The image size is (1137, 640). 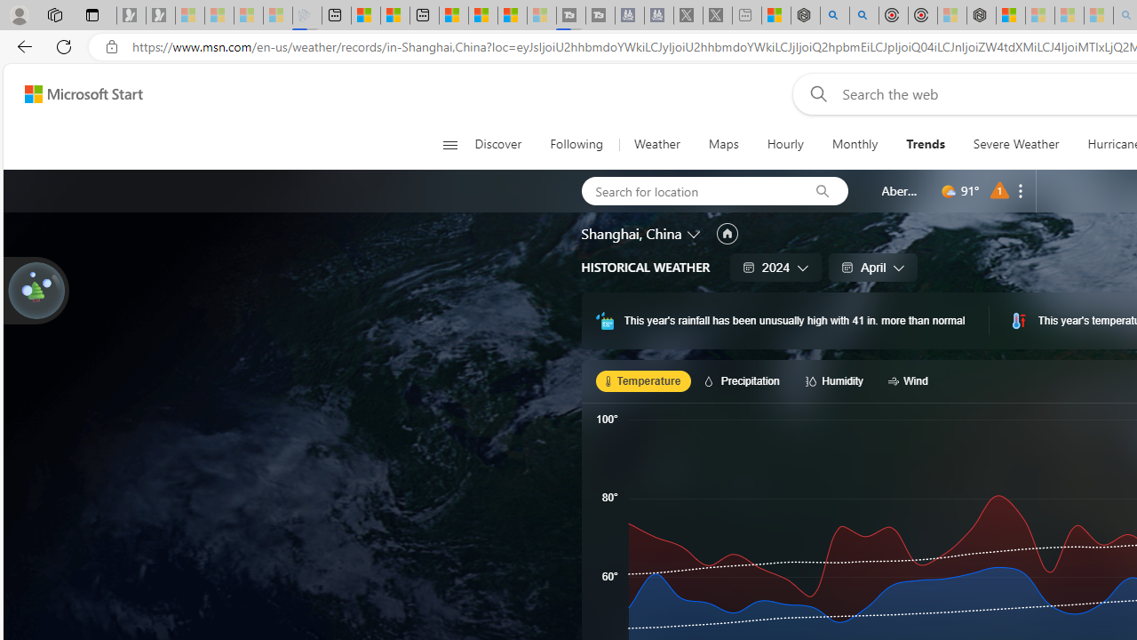 What do you see at coordinates (784, 144) in the screenshot?
I see `'Hourly'` at bounding box center [784, 144].